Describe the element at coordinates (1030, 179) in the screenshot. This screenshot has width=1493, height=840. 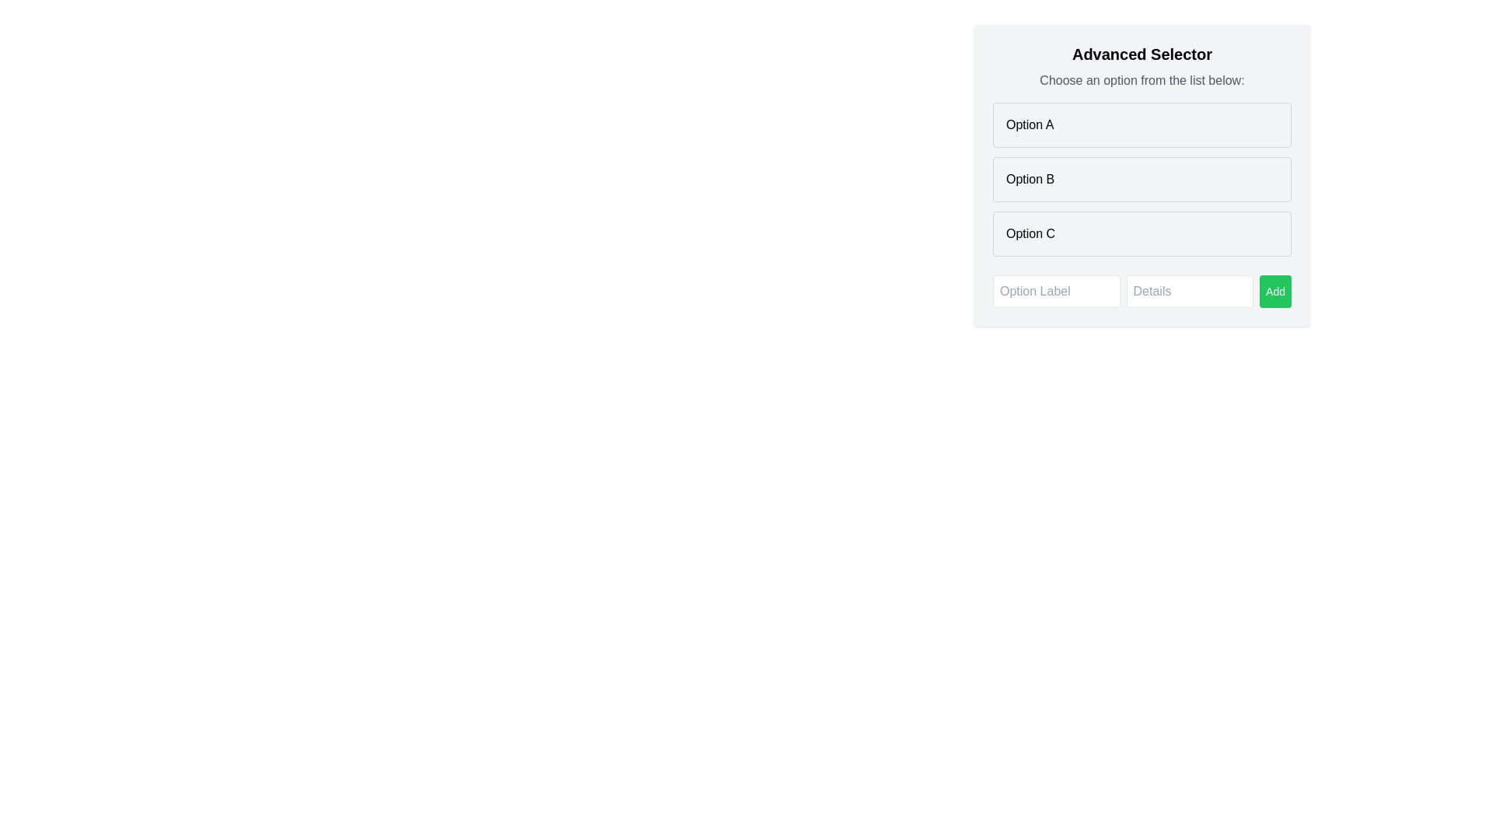
I see `the text label displaying 'Option B', which is the second item in the vertically stacked list under 'Advanced Selector'` at that location.